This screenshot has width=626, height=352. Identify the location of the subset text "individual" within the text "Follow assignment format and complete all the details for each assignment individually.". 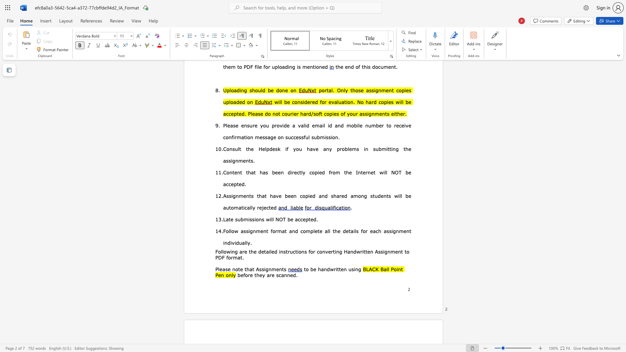
(223, 242).